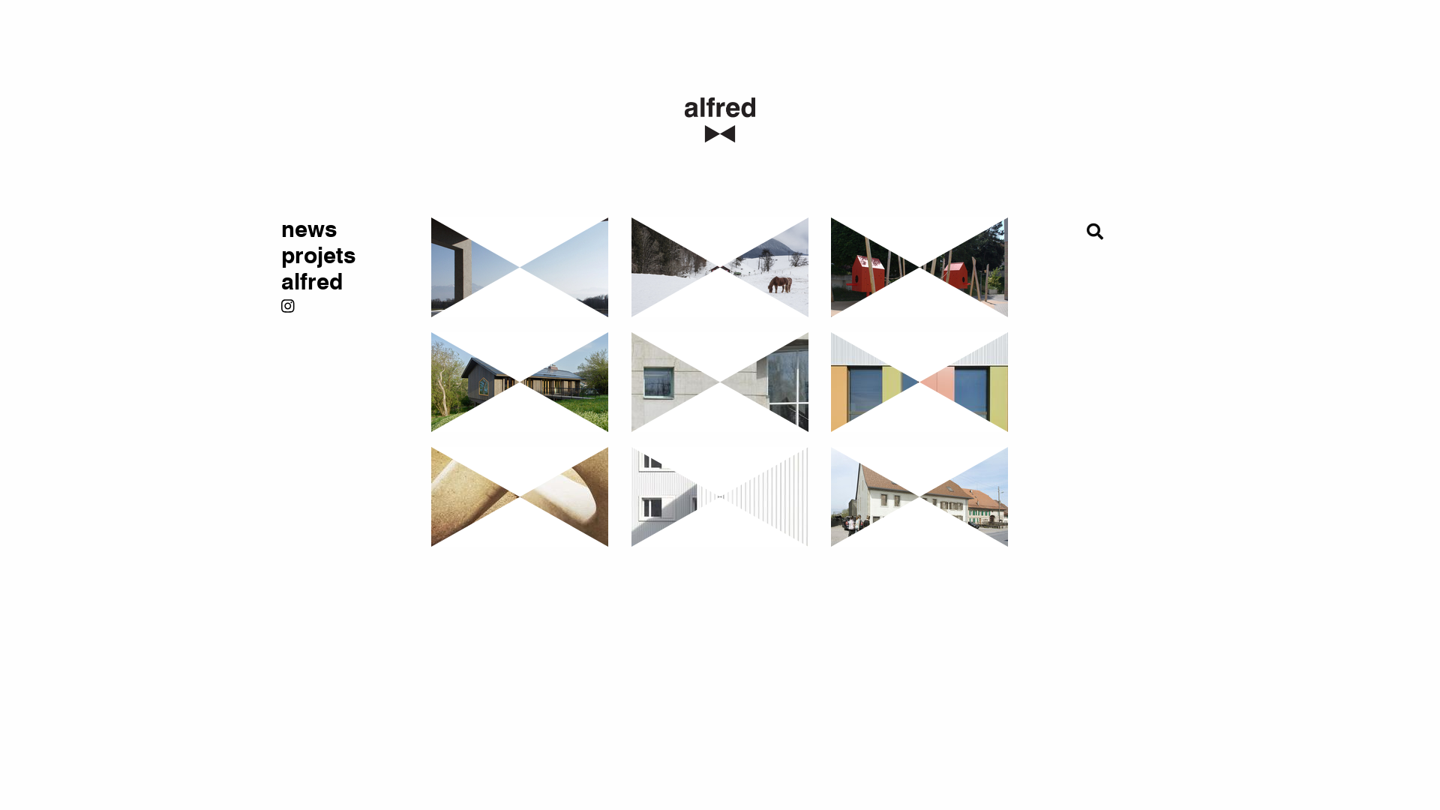 The height and width of the screenshot is (810, 1440). Describe the element at coordinates (344, 283) in the screenshot. I see `'alfred'` at that location.